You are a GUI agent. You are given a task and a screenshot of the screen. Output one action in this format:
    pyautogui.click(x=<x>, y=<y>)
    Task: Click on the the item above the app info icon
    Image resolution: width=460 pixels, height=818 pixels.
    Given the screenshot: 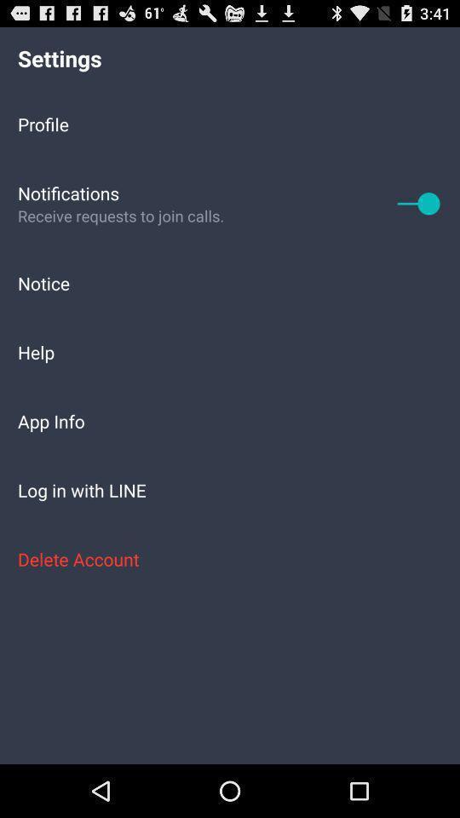 What is the action you would take?
    pyautogui.click(x=230, y=351)
    